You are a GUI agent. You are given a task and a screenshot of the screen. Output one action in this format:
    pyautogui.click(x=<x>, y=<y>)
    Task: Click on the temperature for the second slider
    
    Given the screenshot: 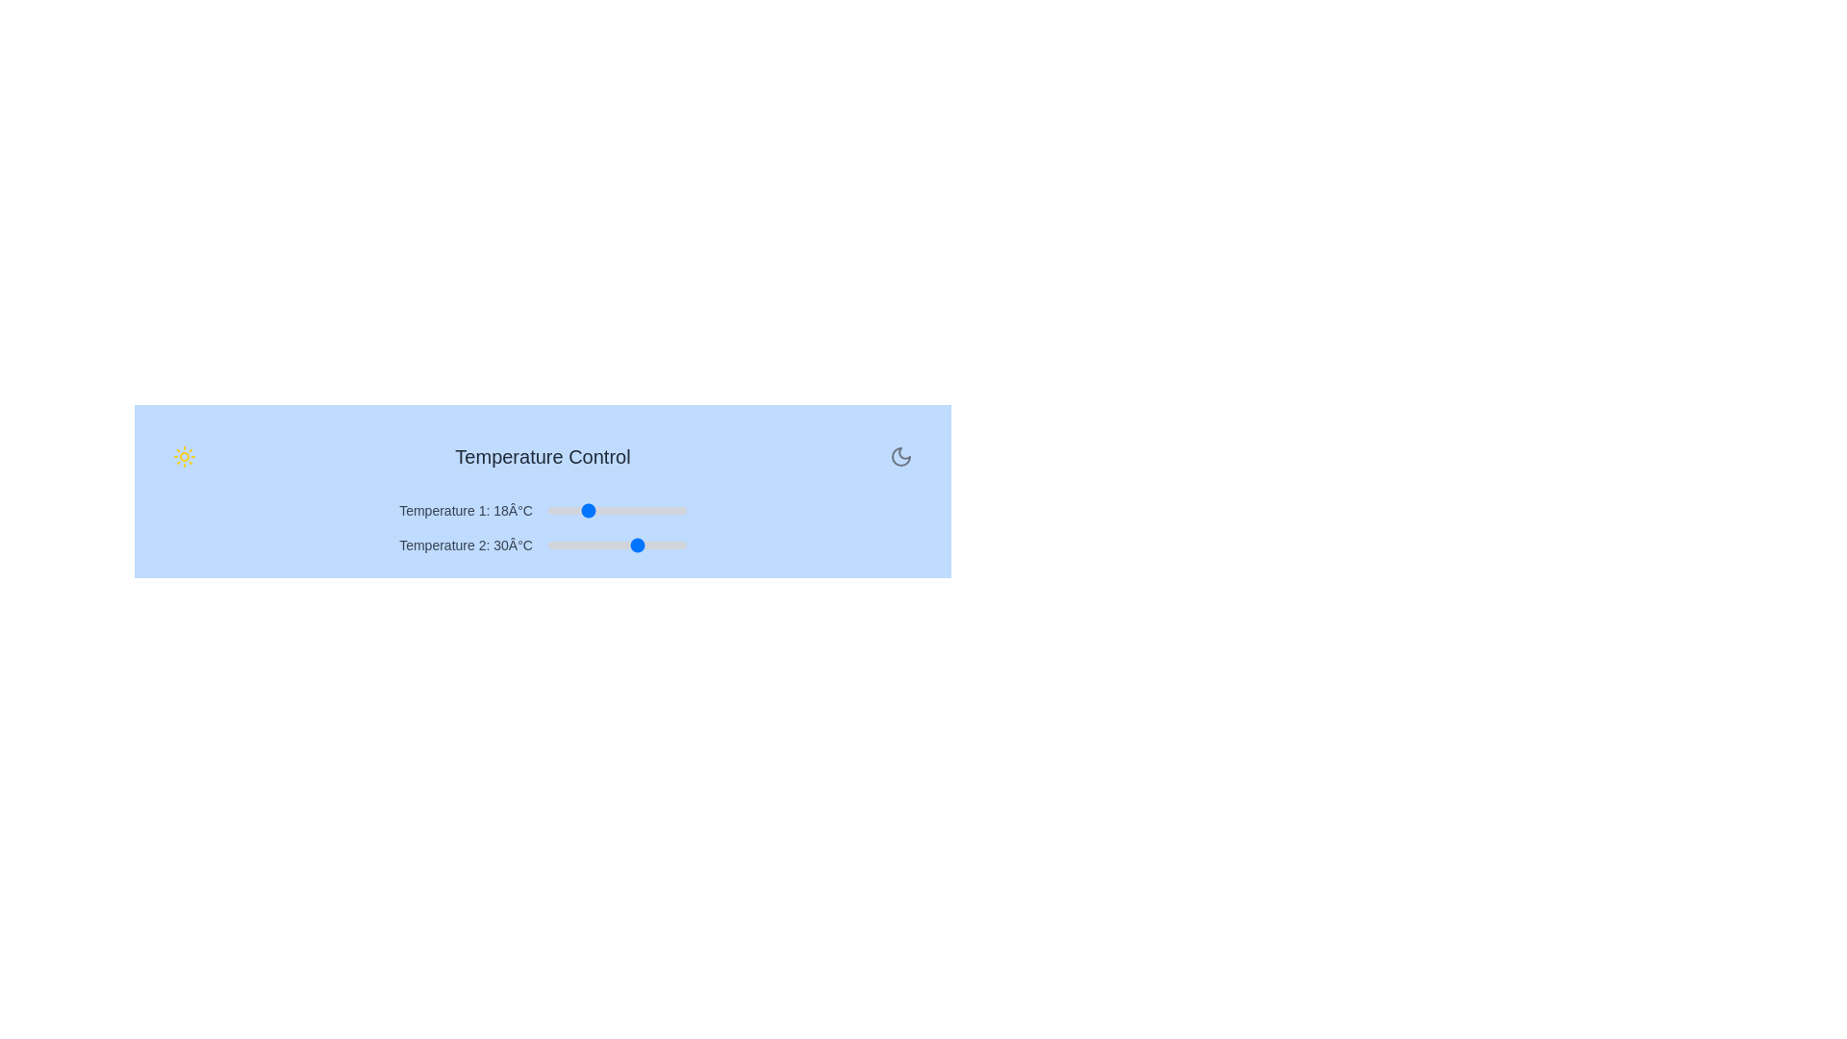 What is the action you would take?
    pyautogui.click(x=612, y=545)
    